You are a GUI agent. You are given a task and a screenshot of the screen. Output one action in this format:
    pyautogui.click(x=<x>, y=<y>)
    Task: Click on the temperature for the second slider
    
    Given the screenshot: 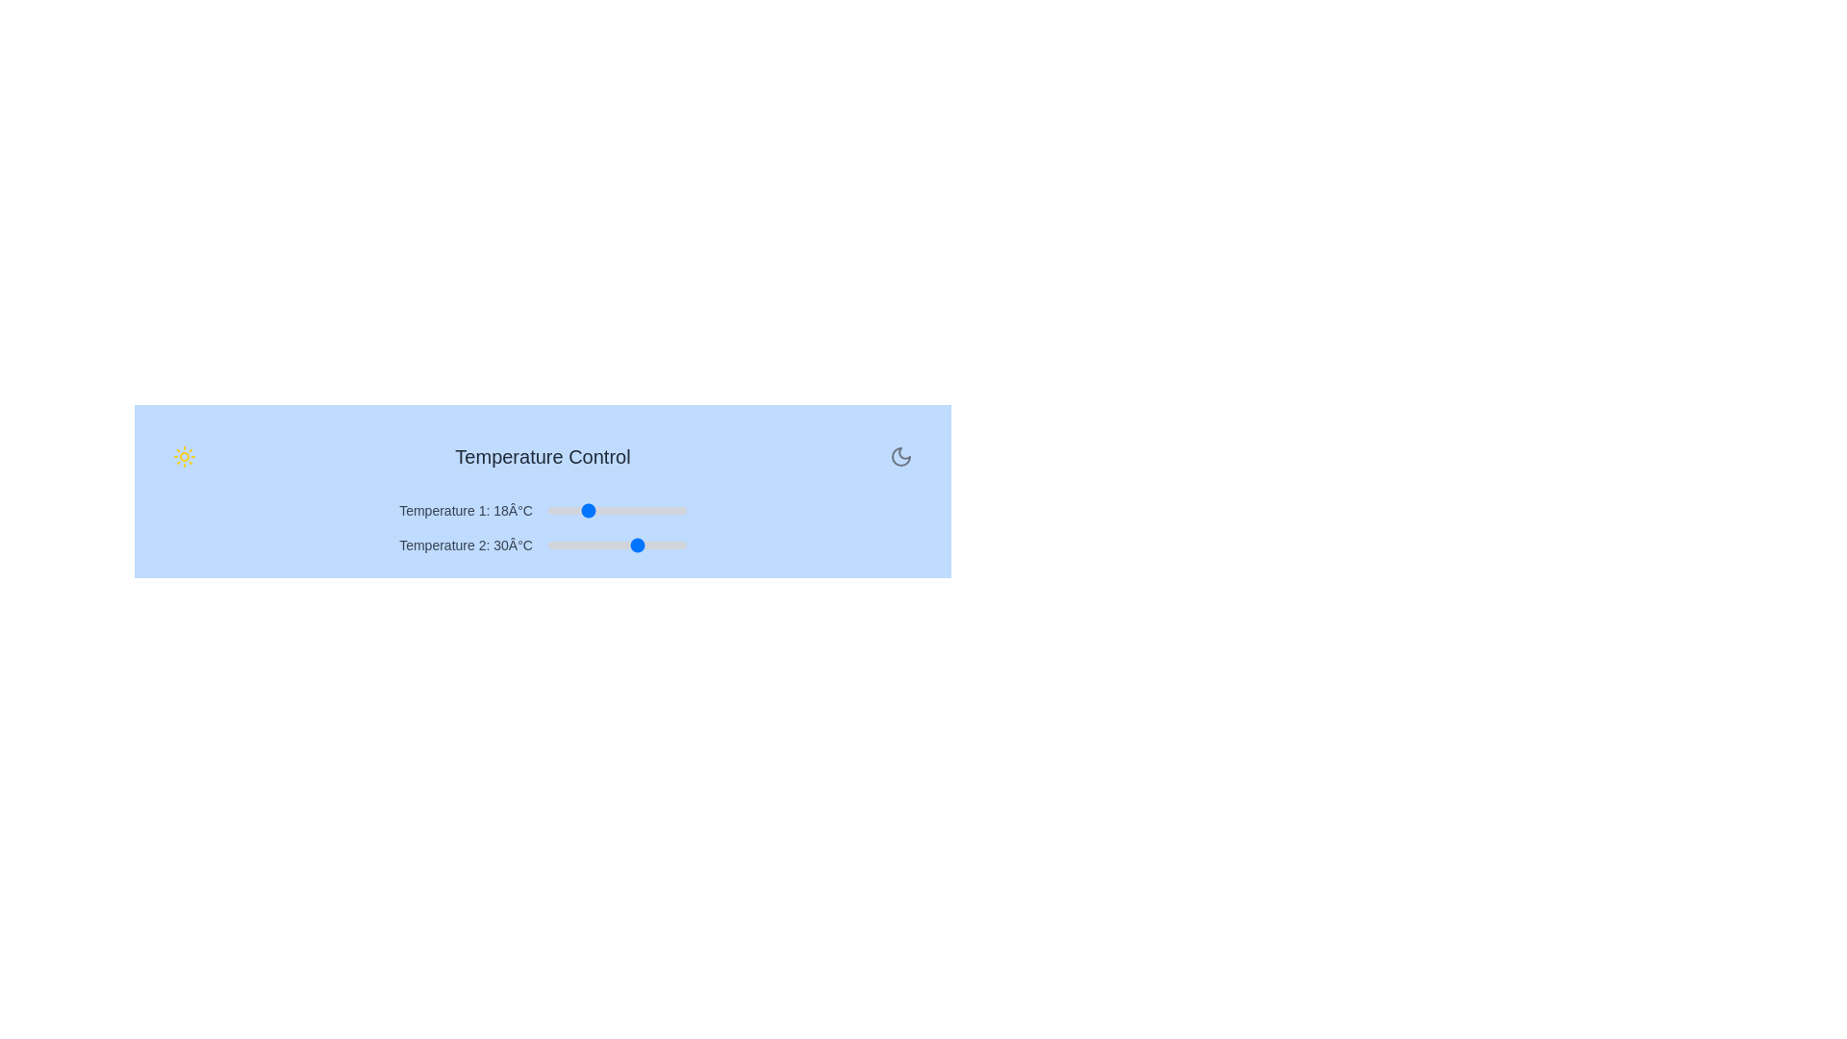 What is the action you would take?
    pyautogui.click(x=612, y=545)
    